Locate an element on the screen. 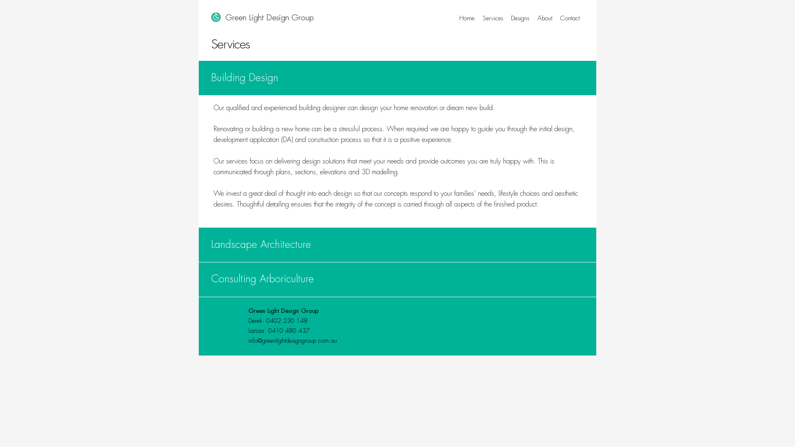 This screenshot has height=447, width=795. 'Services' is located at coordinates (493, 19).